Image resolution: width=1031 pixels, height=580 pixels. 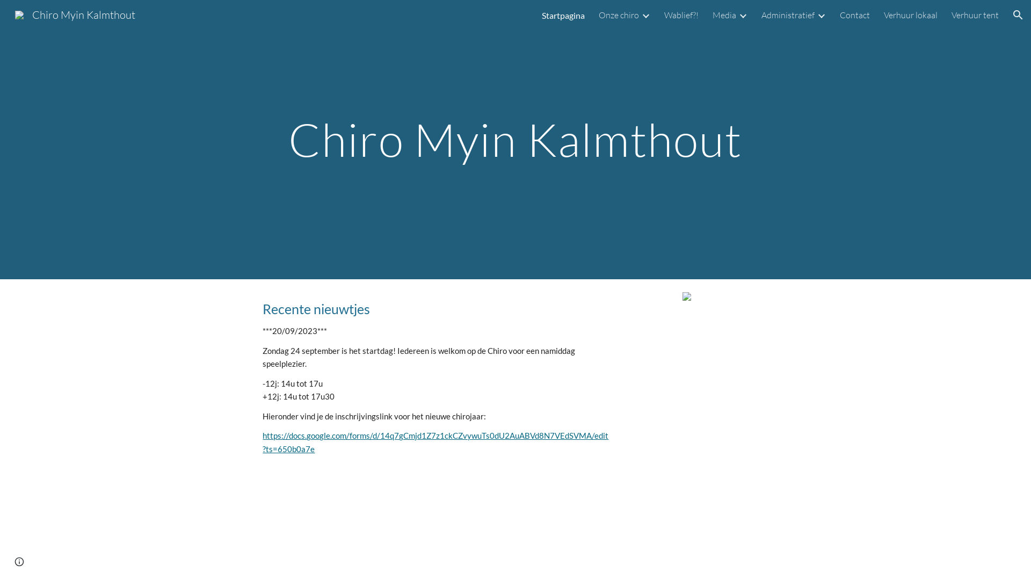 What do you see at coordinates (563, 15) in the screenshot?
I see `'Startpagina'` at bounding box center [563, 15].